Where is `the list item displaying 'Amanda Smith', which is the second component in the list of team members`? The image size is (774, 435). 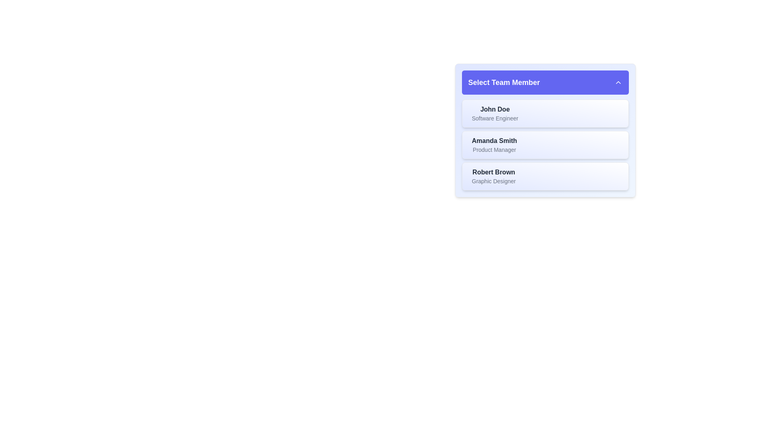 the list item displaying 'Amanda Smith', which is the second component in the list of team members is located at coordinates (545, 144).